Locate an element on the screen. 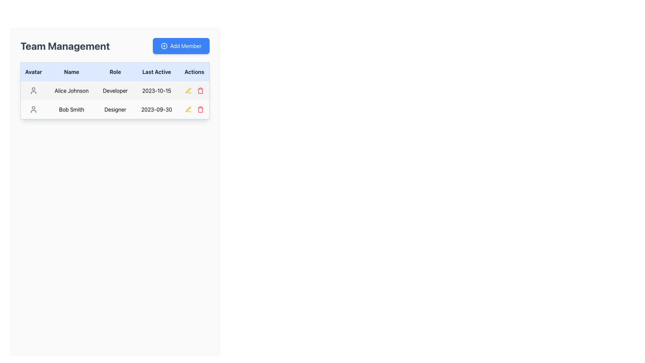 The width and height of the screenshot is (645, 363). the user profile icon representing 'Alice Johnson' in the Avatar column of the table is located at coordinates (33, 91).